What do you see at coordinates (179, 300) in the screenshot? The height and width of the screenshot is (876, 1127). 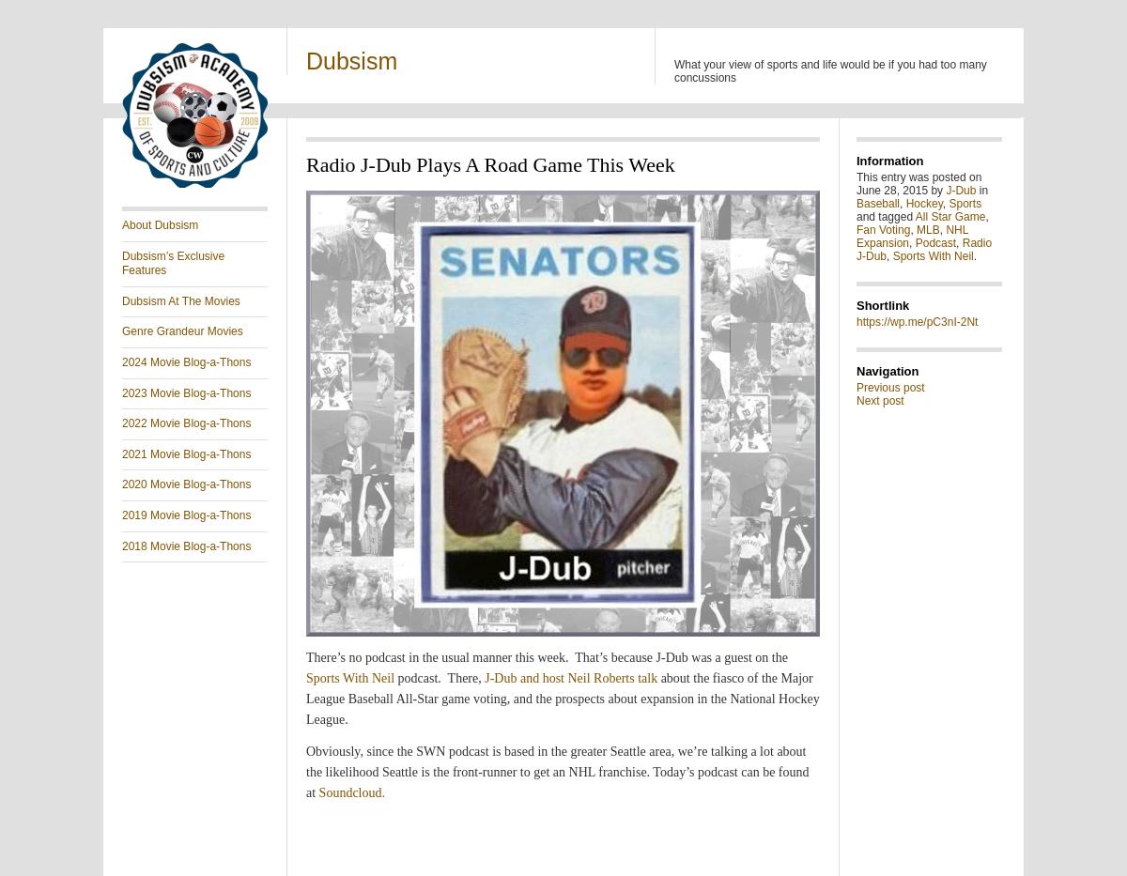 I see `'Dubsism At The Movies'` at bounding box center [179, 300].